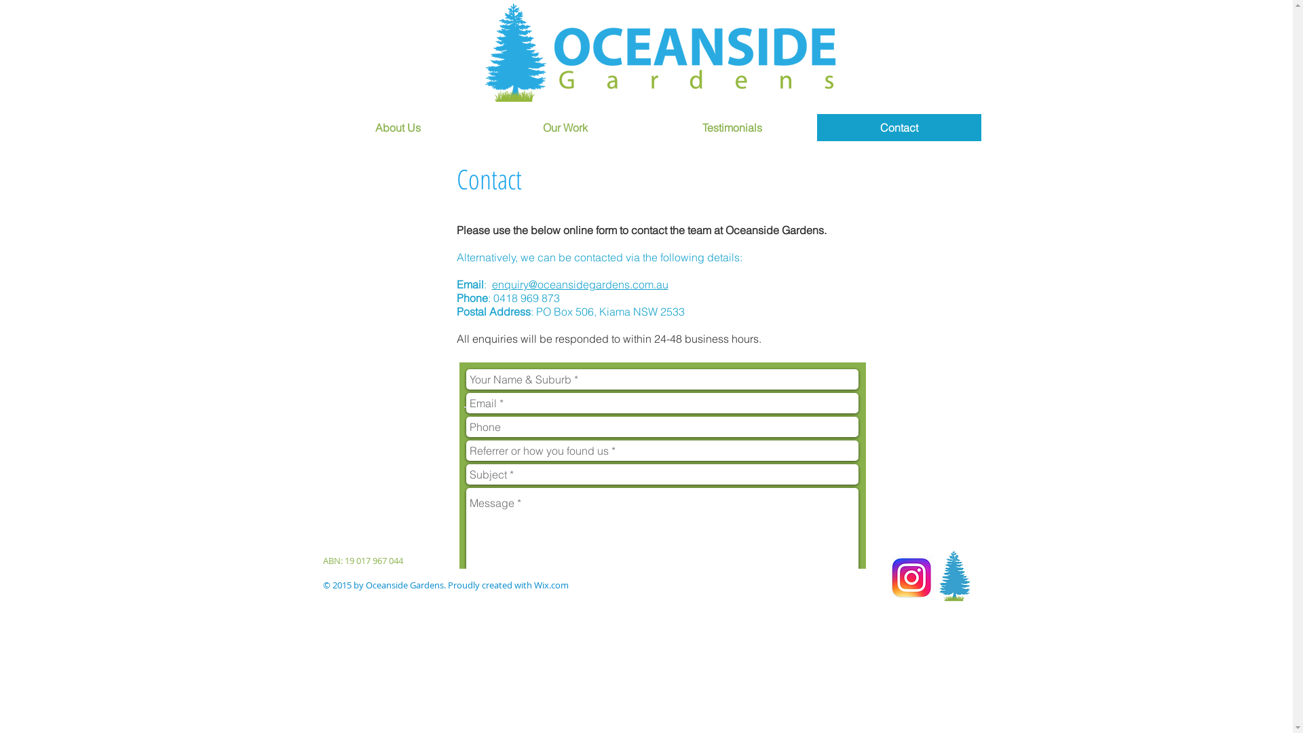 This screenshot has height=733, width=1303. What do you see at coordinates (580, 284) in the screenshot?
I see `'enquiry@oceansidegardens.com.au'` at bounding box center [580, 284].